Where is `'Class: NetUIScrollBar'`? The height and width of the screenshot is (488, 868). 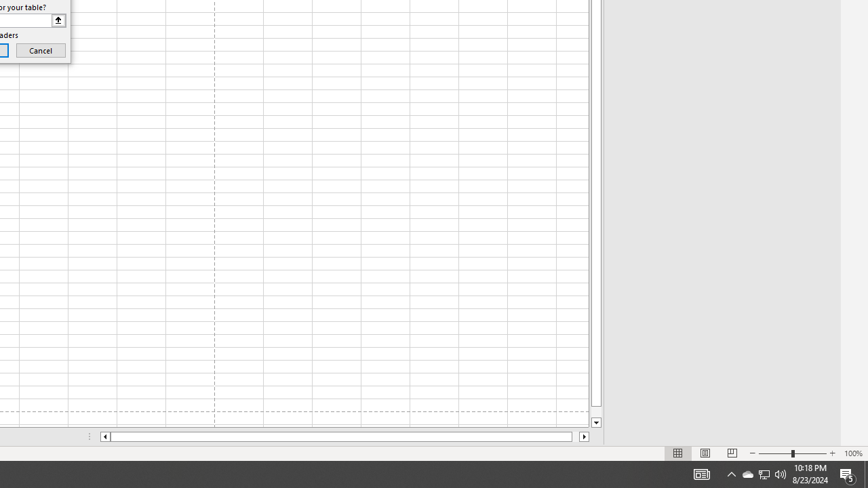 'Class: NetUIScrollBar' is located at coordinates (344, 436).